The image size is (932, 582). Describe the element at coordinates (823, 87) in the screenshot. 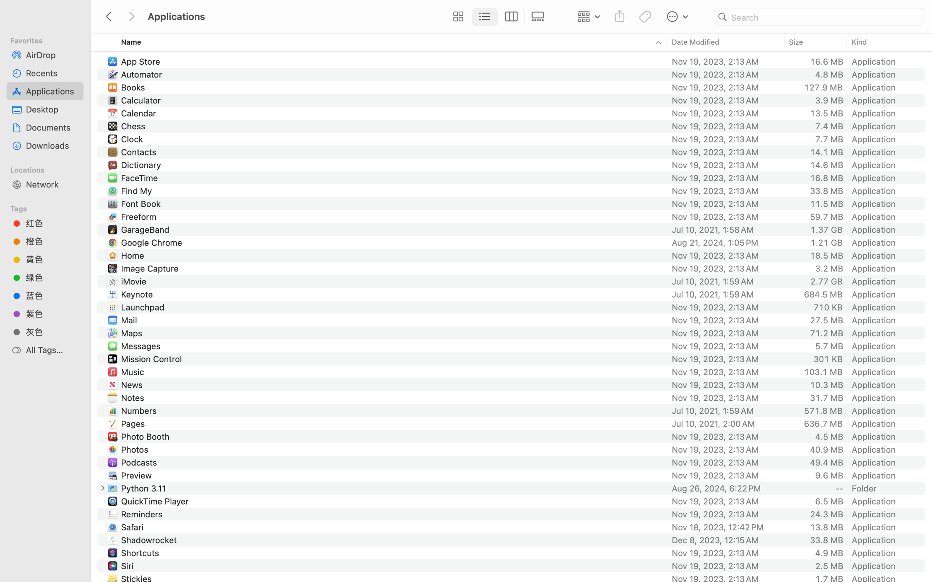

I see `'127.9 MB'` at that location.